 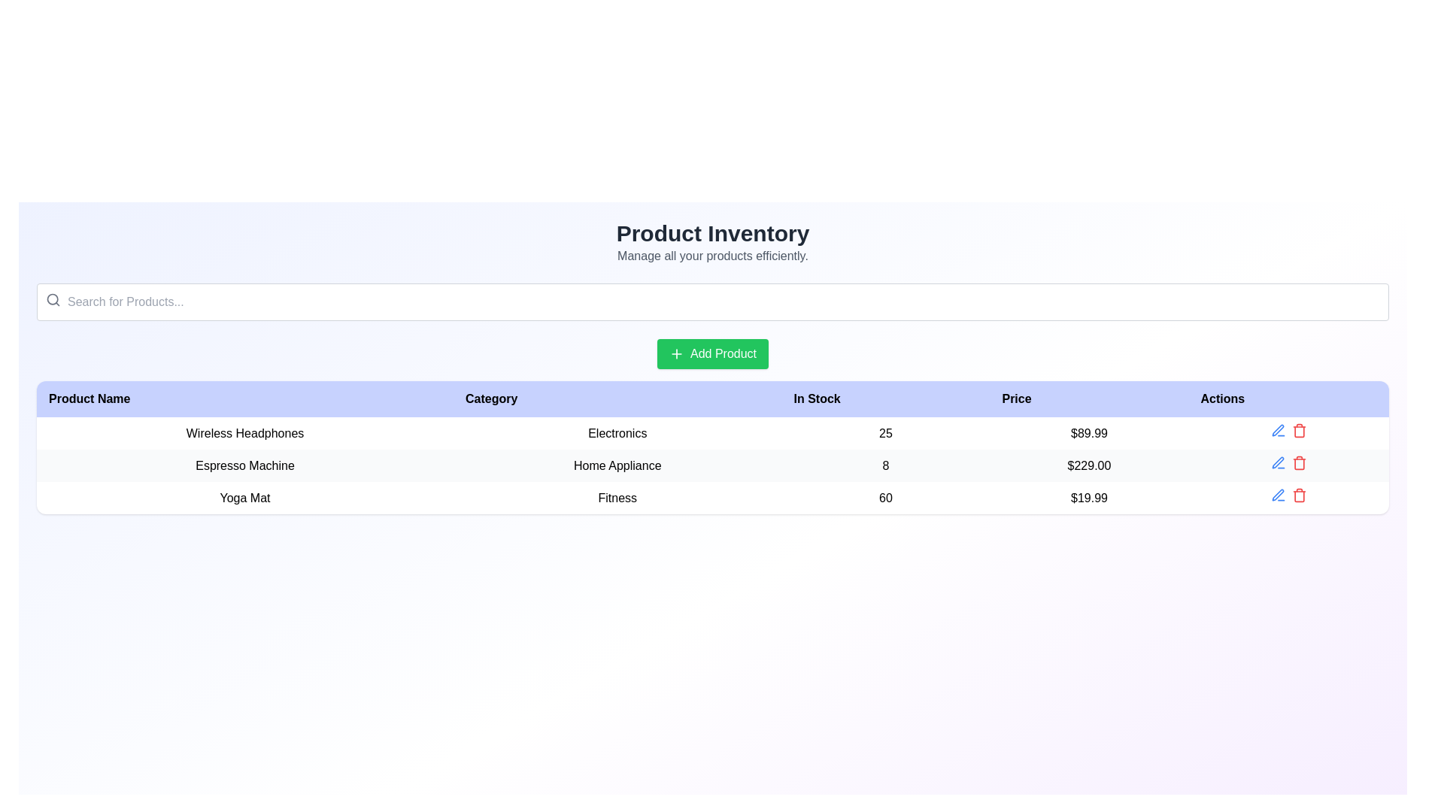 I want to click on the SVG icon located at the top-left corner of the search bar, which indicates the search functionality, so click(x=53, y=299).